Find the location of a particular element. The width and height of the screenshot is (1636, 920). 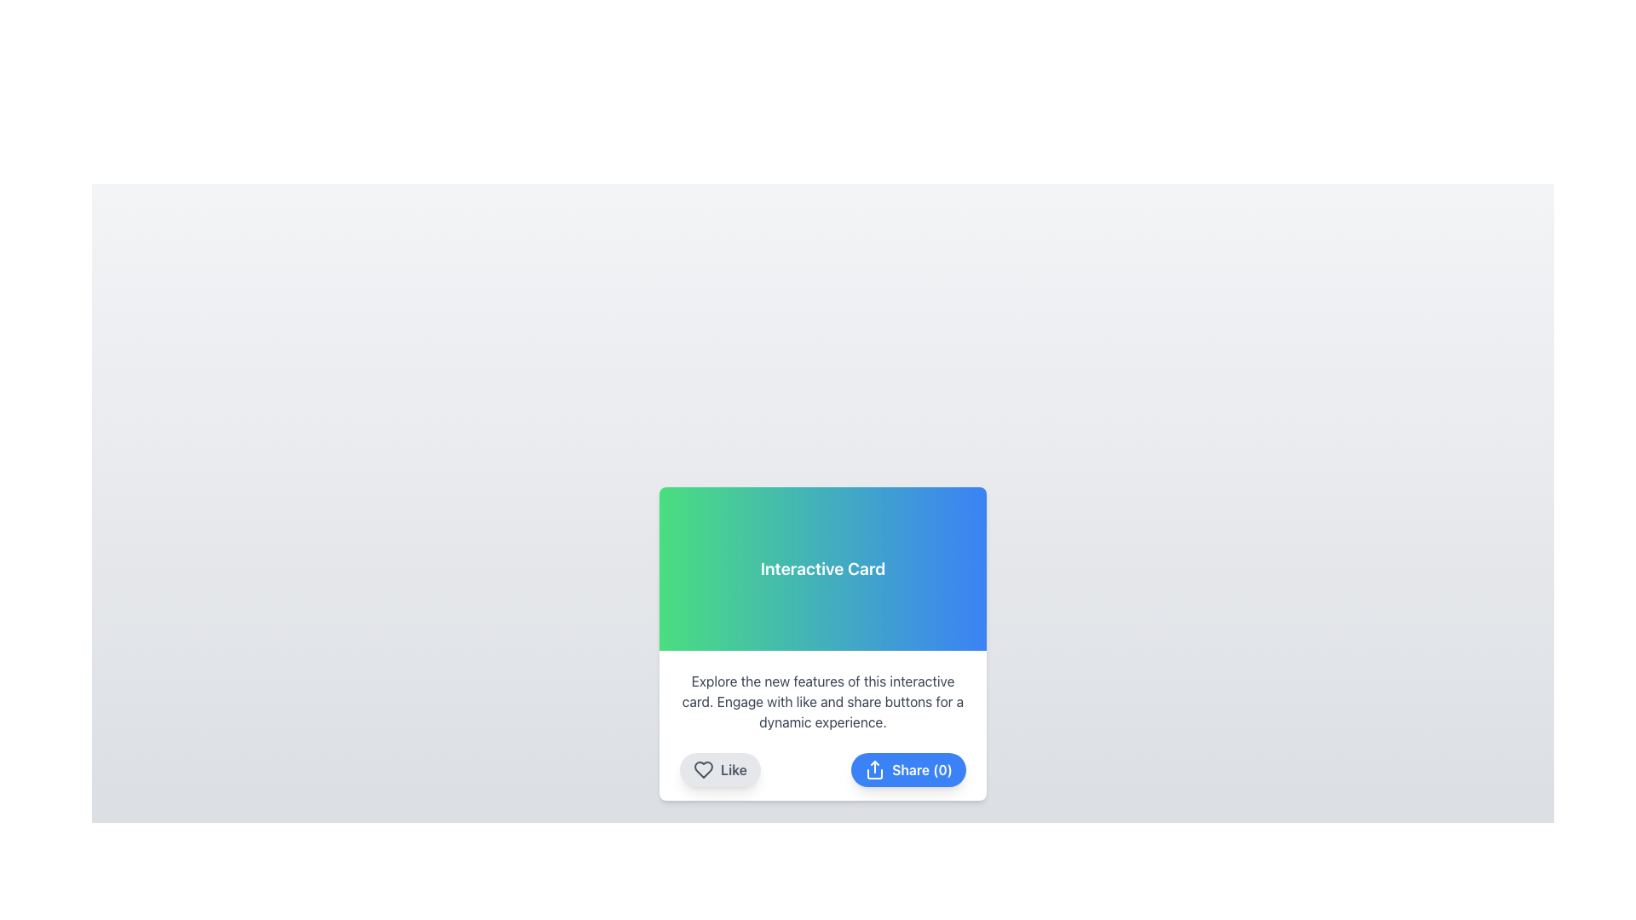

the 'Share (0)' button, which is a rounded rectangular button with a blue background and white text, to view the count displayed on it is located at coordinates (907, 769).